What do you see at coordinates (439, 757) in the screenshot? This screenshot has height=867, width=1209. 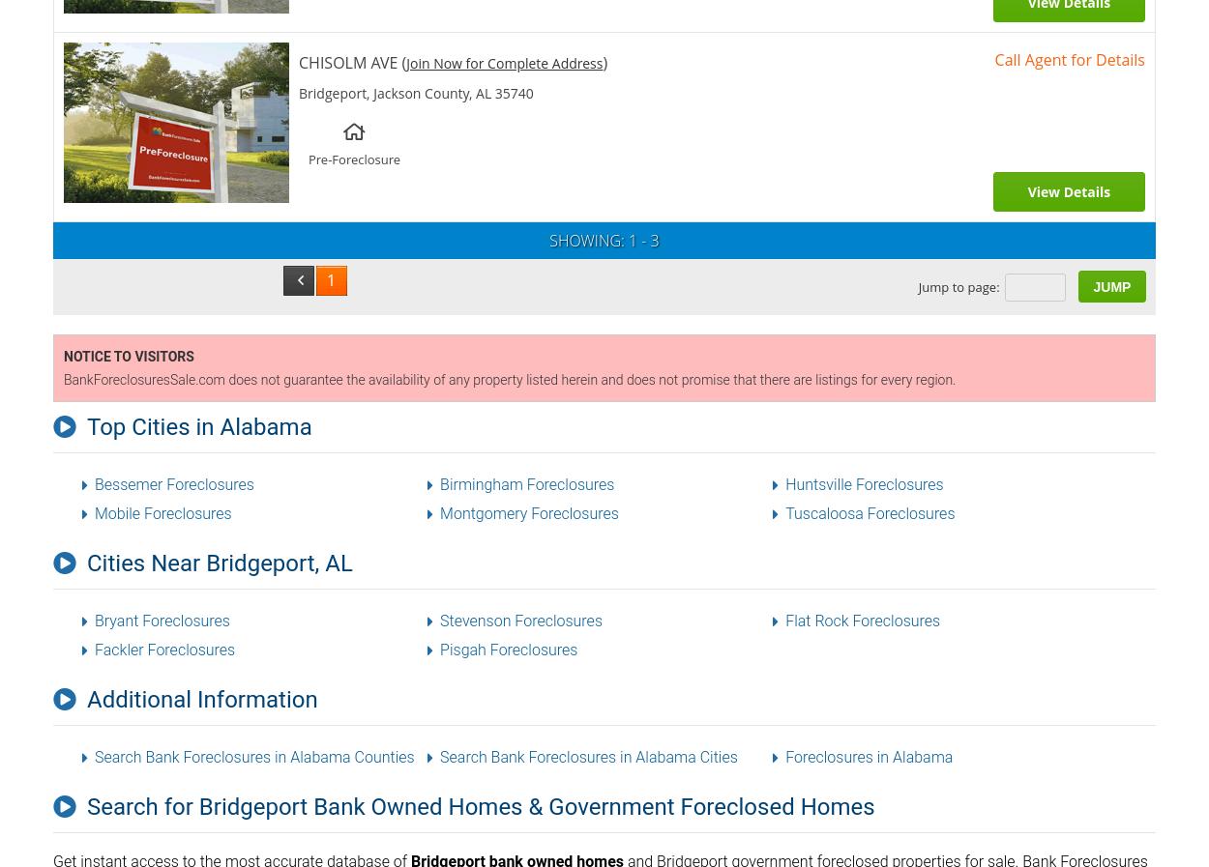 I see `'Search Bank Foreclosures in Alabama Cities'` at bounding box center [439, 757].